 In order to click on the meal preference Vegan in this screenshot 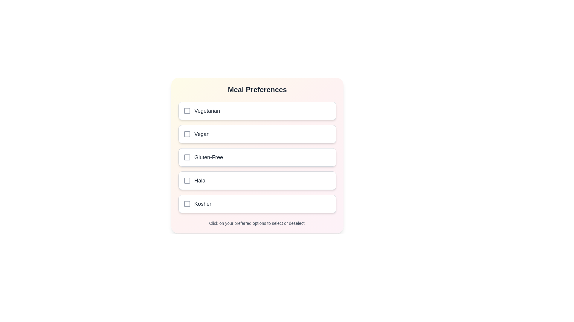, I will do `click(257, 134)`.